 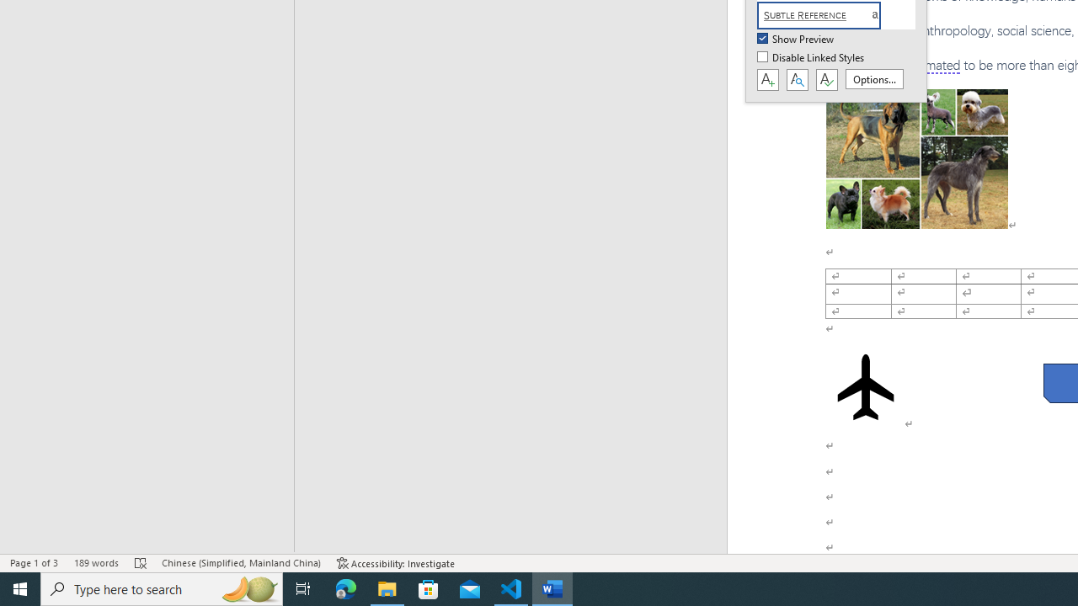 What do you see at coordinates (826, 80) in the screenshot?
I see `'Class: NetUIButton'` at bounding box center [826, 80].